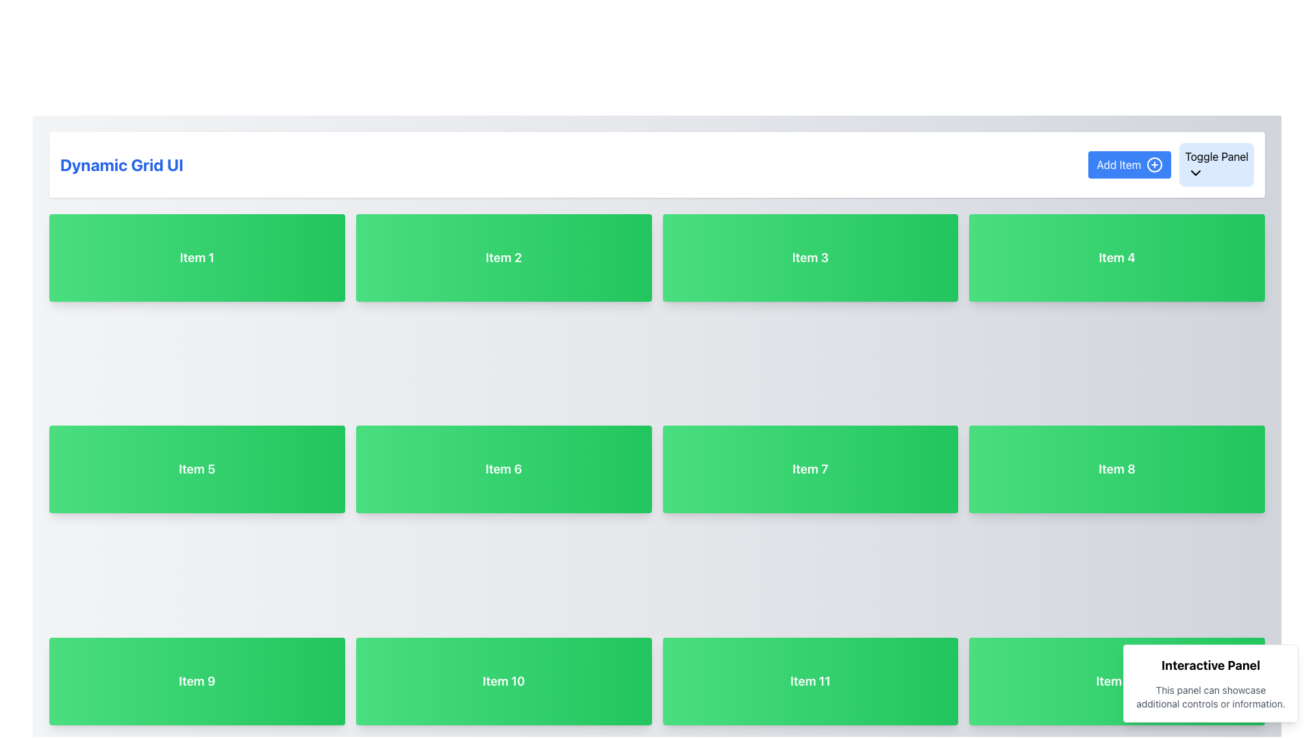 Image resolution: width=1315 pixels, height=739 pixels. What do you see at coordinates (1195, 172) in the screenshot?
I see `the chevron icon representing the toggle functionality associated with the 'Toggle Panel' label` at bounding box center [1195, 172].